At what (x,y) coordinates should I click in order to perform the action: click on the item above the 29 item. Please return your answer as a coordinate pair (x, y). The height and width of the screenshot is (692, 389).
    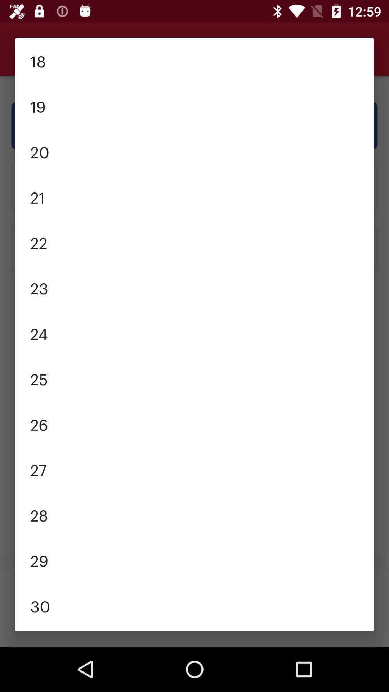
    Looking at the image, I should click on (194, 514).